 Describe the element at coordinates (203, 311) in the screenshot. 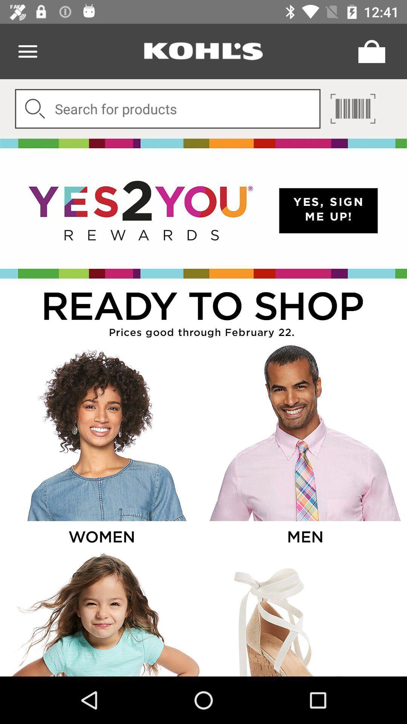

I see `the shop link` at that location.